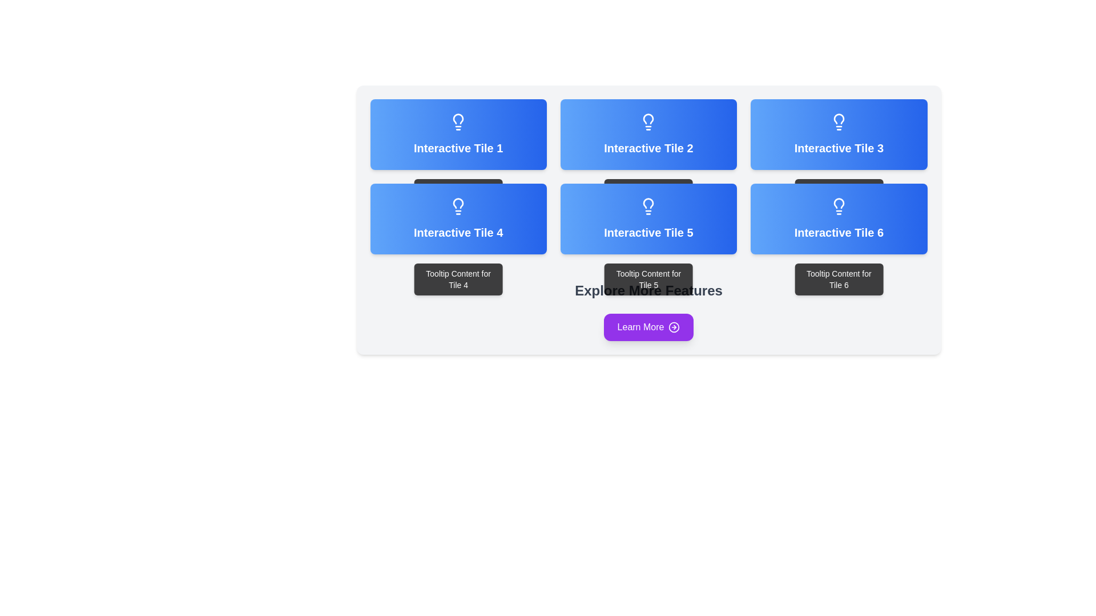 This screenshot has height=616, width=1096. Describe the element at coordinates (458, 232) in the screenshot. I see `the text label that identifies 'Interactive Tile 4'` at that location.